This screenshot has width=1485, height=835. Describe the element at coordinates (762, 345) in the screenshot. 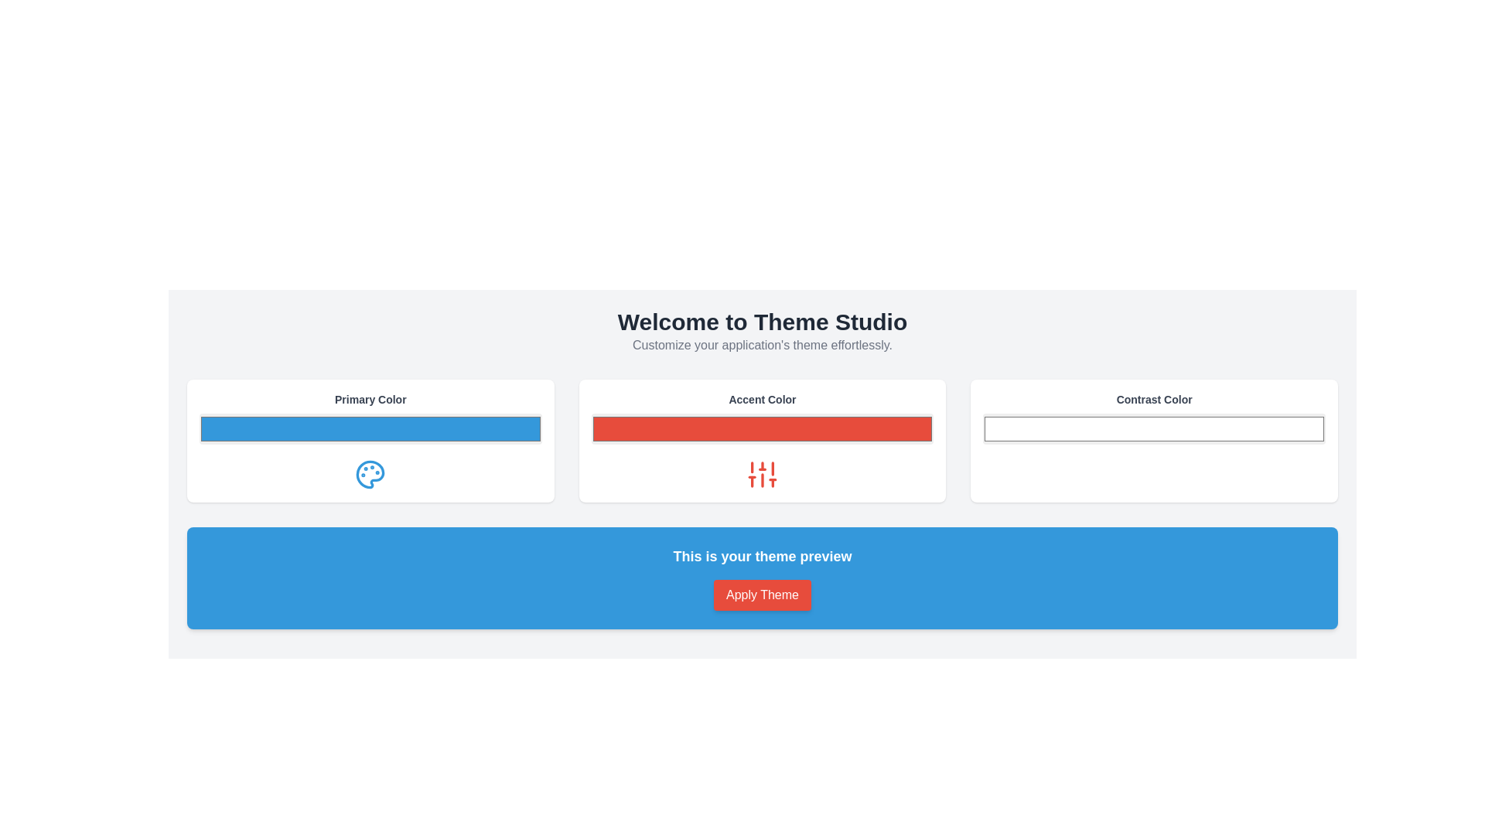

I see `the static text label reading 'Customize your application's theme effortlessly.', which is positioned below the heading 'Welcome to Theme Studio'` at that location.